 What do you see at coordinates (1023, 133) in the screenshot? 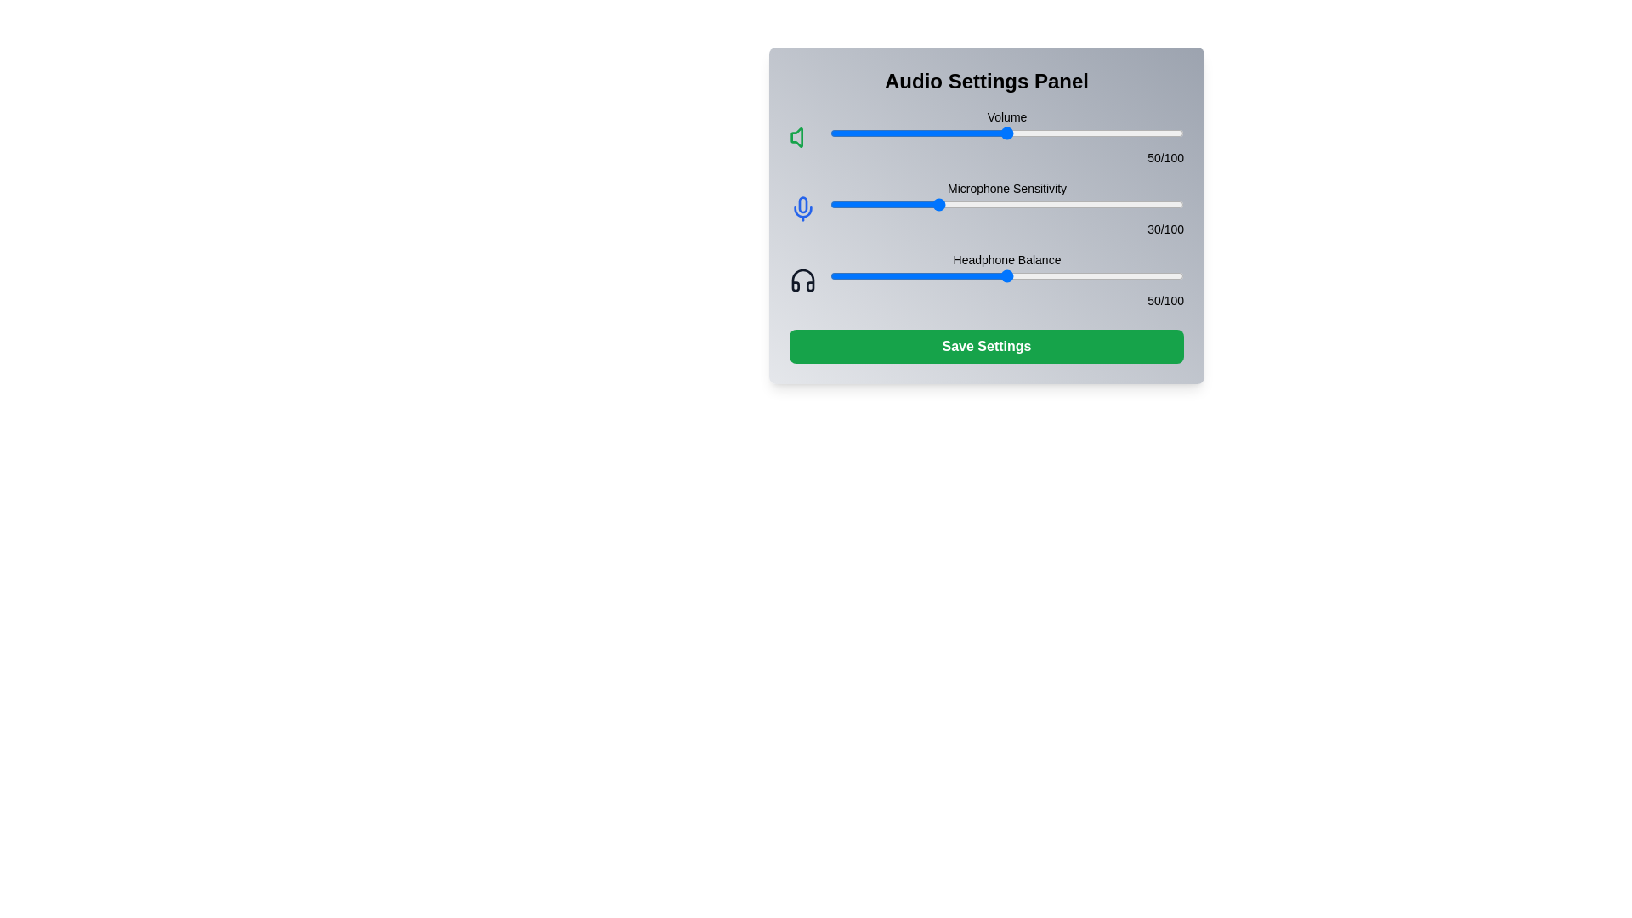
I see `the volume slider` at bounding box center [1023, 133].